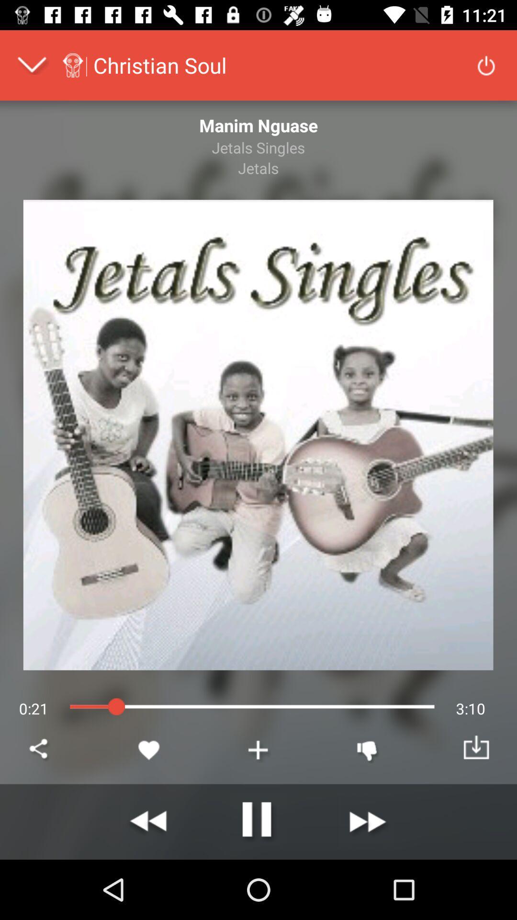 This screenshot has width=517, height=920. Describe the element at coordinates (149, 821) in the screenshot. I see `the av_rewind icon` at that location.